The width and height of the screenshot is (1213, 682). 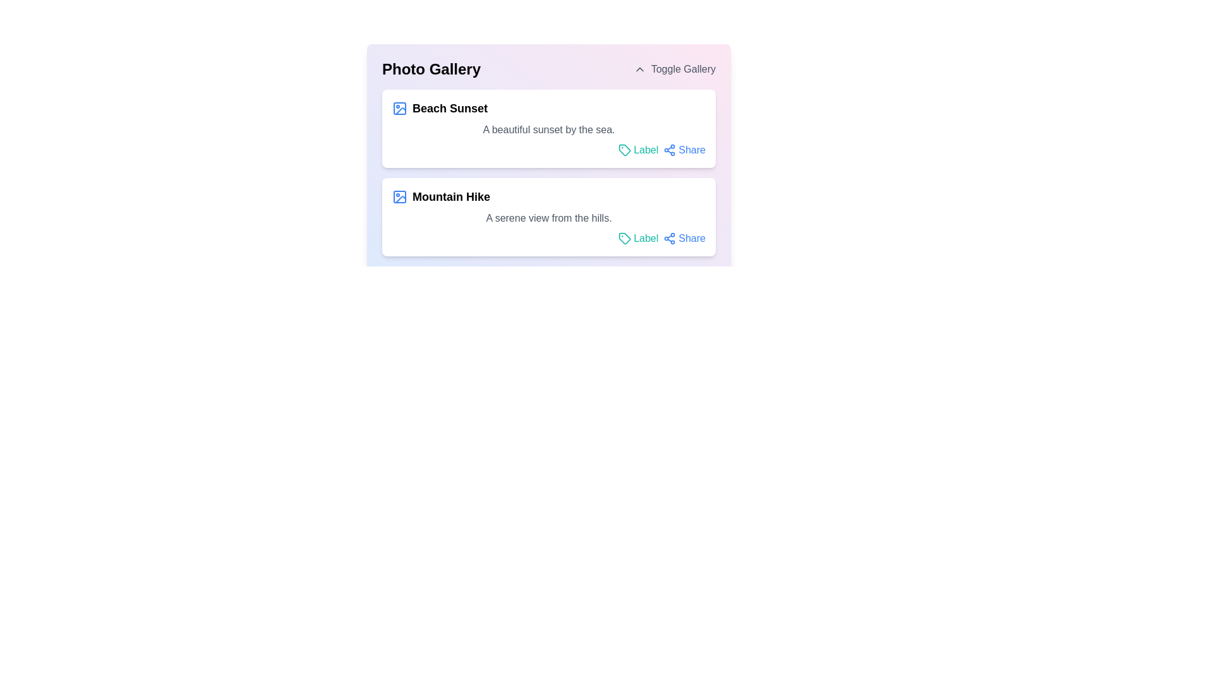 I want to click on the blue share icon, which is a triangular layout of three interconnected circular nodes, located in the 'Share' area of the 'Beach Sunset' section in the 'Photo Gallery' interface, to share the associated content, so click(x=669, y=150).